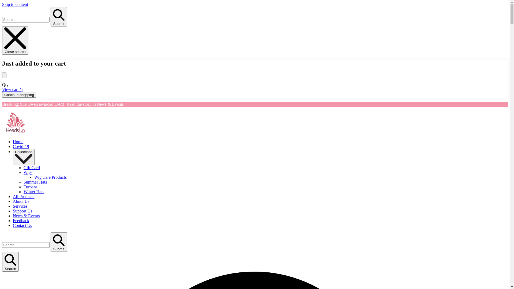 The image size is (514, 289). I want to click on 'Turbans', so click(30, 187).